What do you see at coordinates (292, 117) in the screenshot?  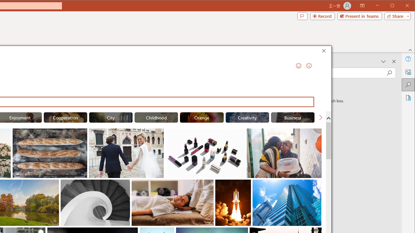 I see `'"Business" Stock Images.'` at bounding box center [292, 117].